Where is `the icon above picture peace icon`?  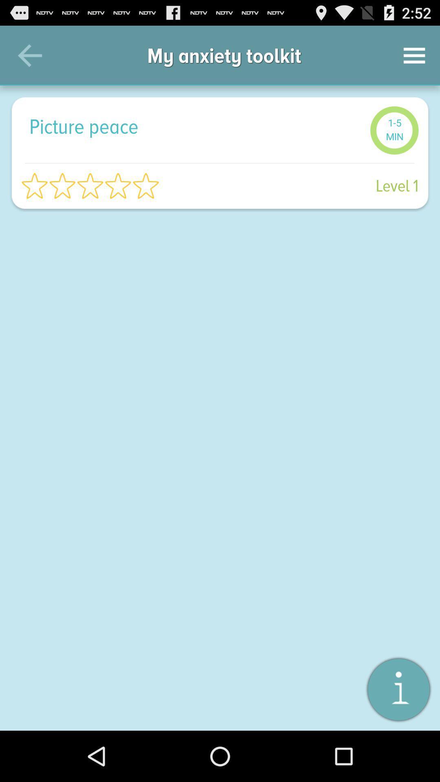
the icon above picture peace icon is located at coordinates (29, 55).